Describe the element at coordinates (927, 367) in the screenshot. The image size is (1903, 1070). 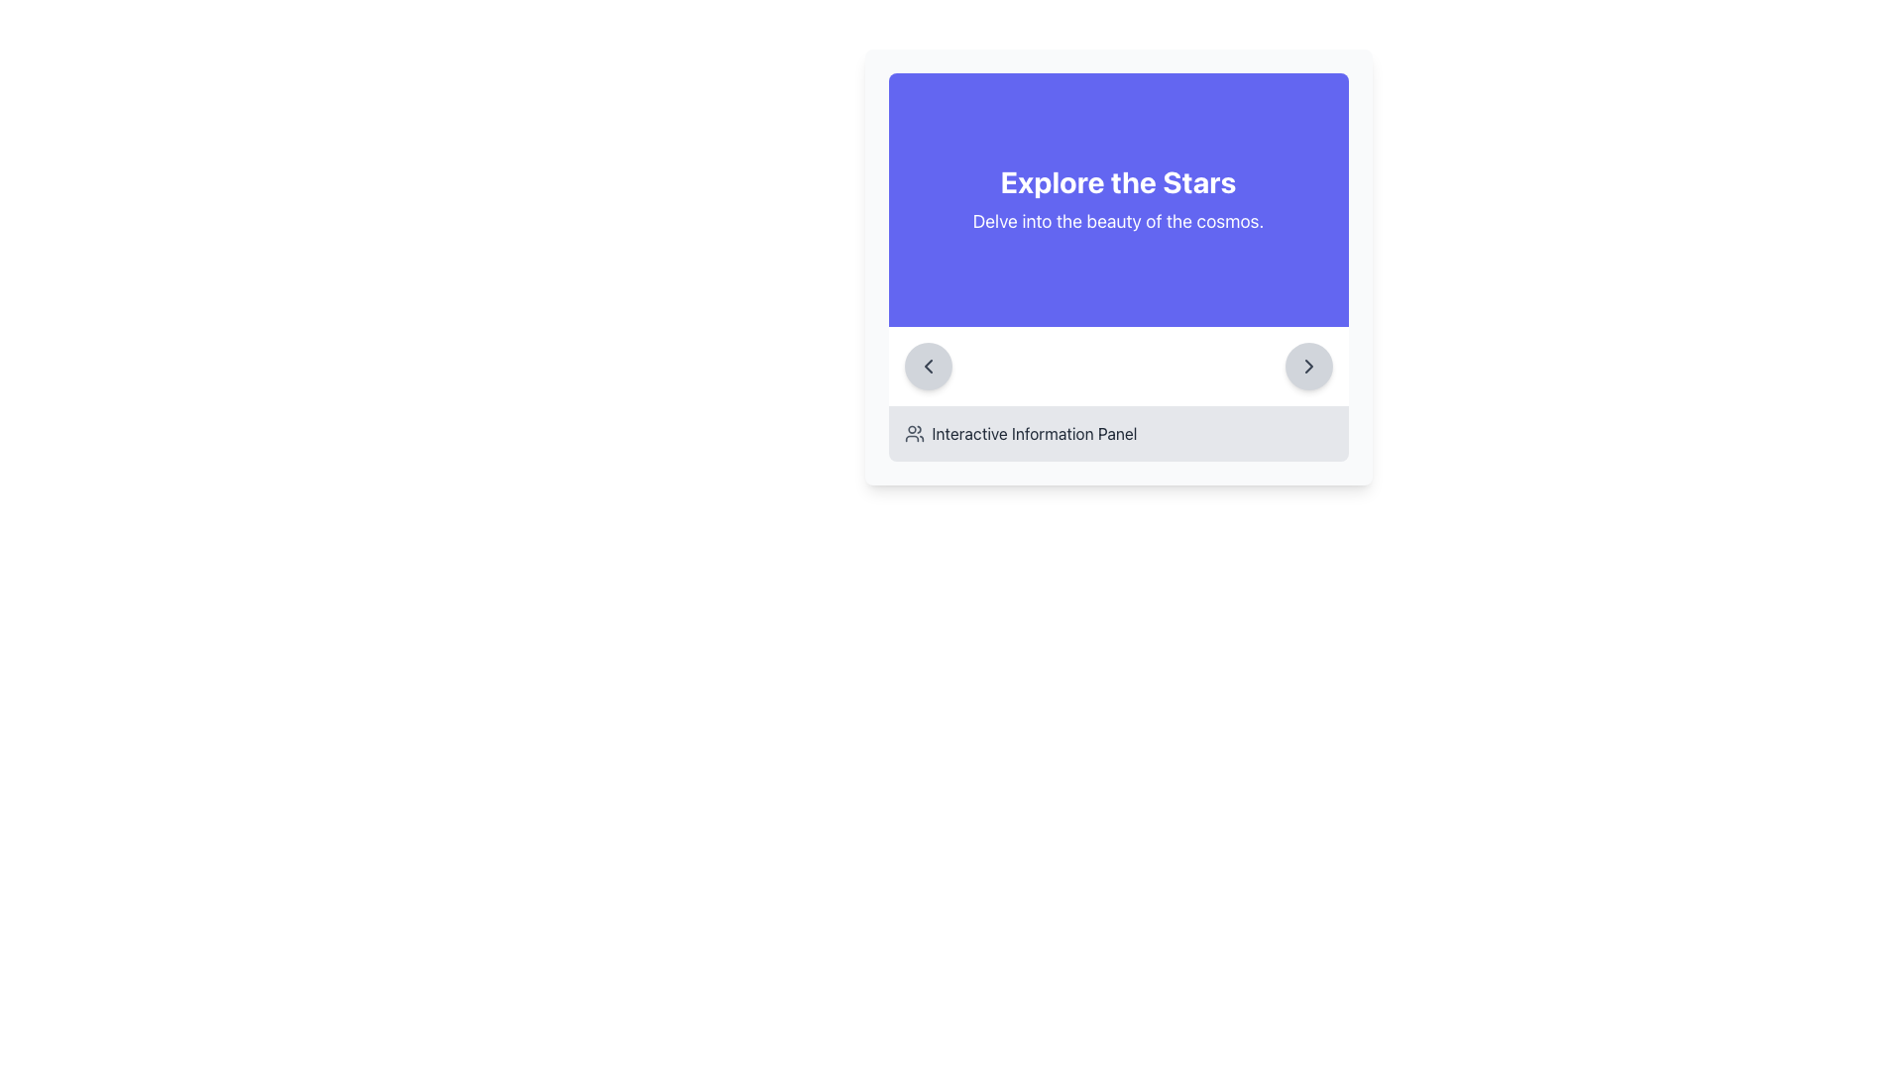
I see `the left arrow SVG icon element within the circular button located at the bottom-left corner of the content card to trigger the hover effect` at that location.